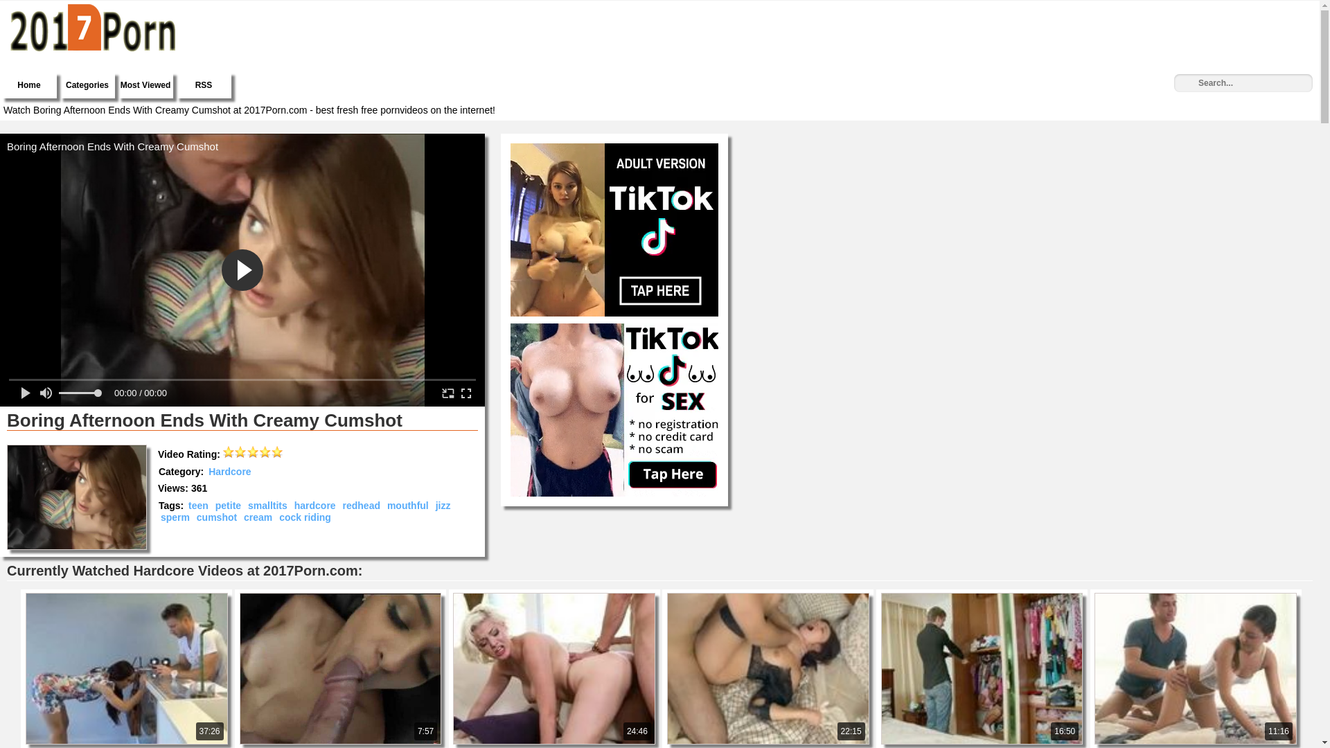  Describe the element at coordinates (229, 471) in the screenshot. I see `'Hardcore'` at that location.